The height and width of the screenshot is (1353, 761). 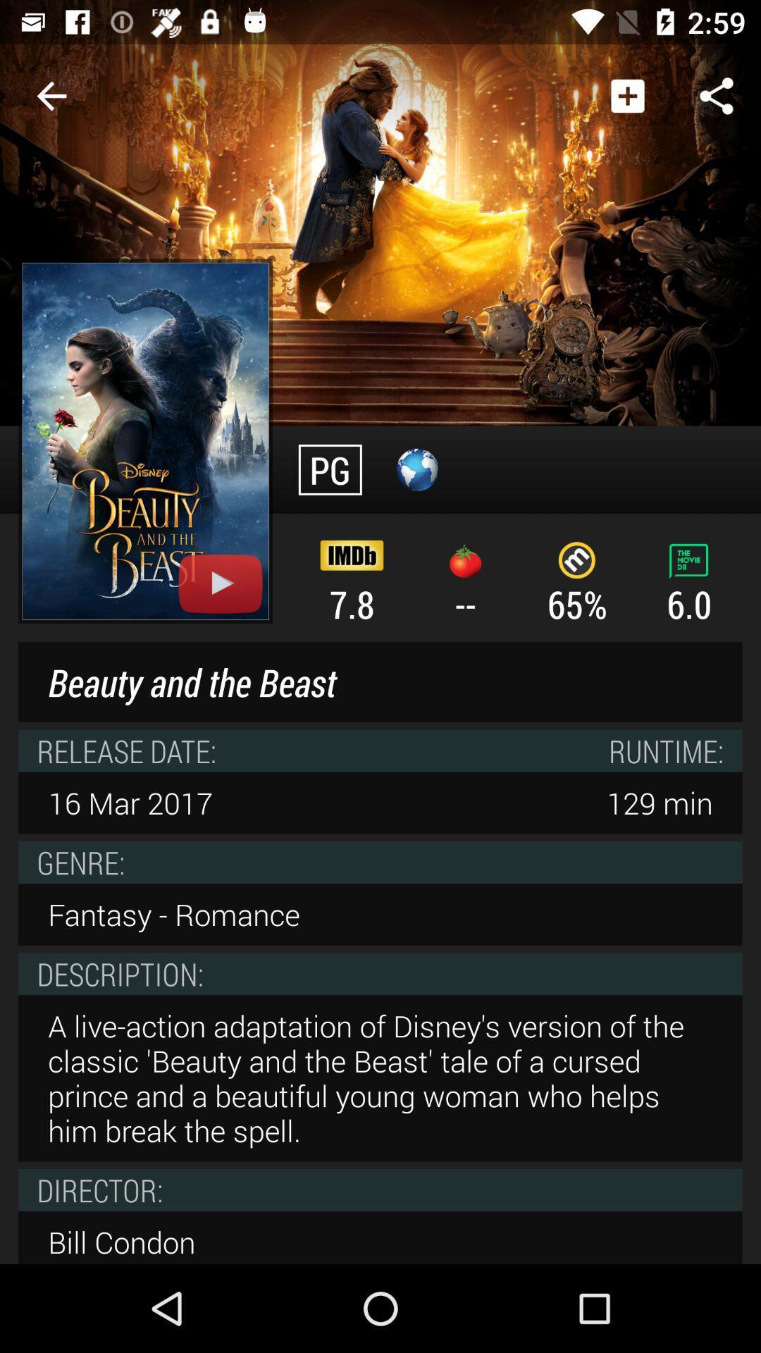 What do you see at coordinates (416, 469) in the screenshot?
I see `the avatar icon` at bounding box center [416, 469].